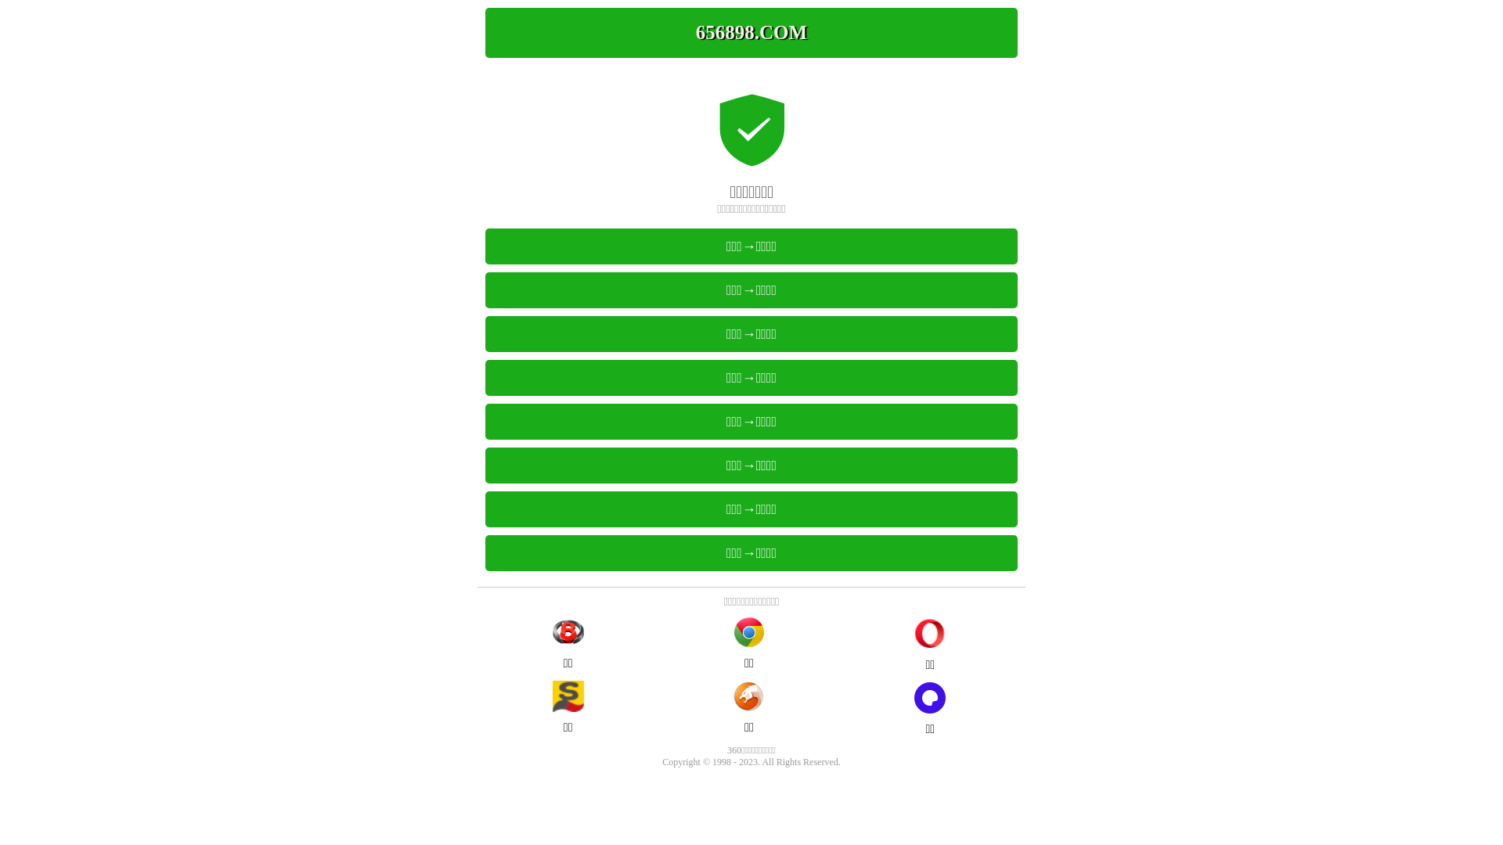  What do you see at coordinates (751, 33) in the screenshot?
I see `'656898.COM'` at bounding box center [751, 33].